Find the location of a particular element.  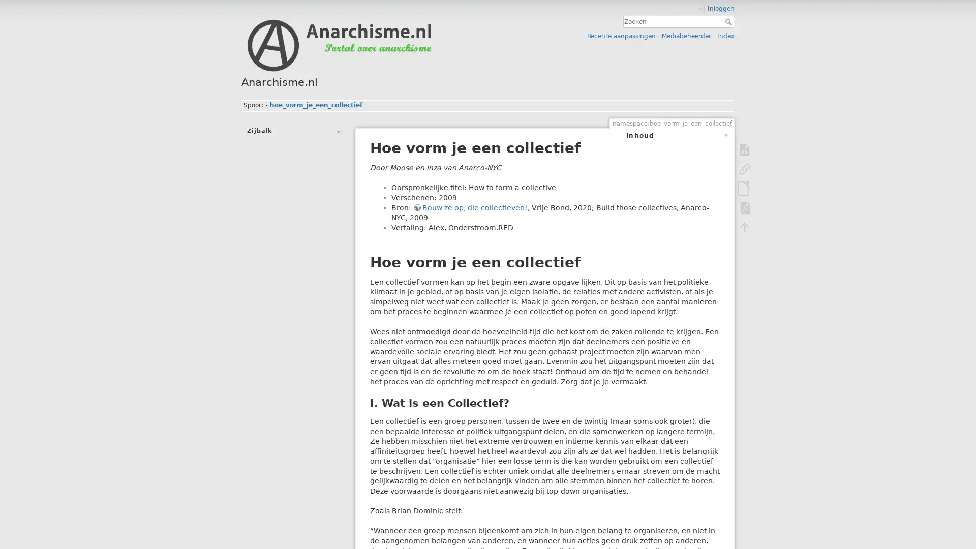

Zoeken is located at coordinates (729, 21).